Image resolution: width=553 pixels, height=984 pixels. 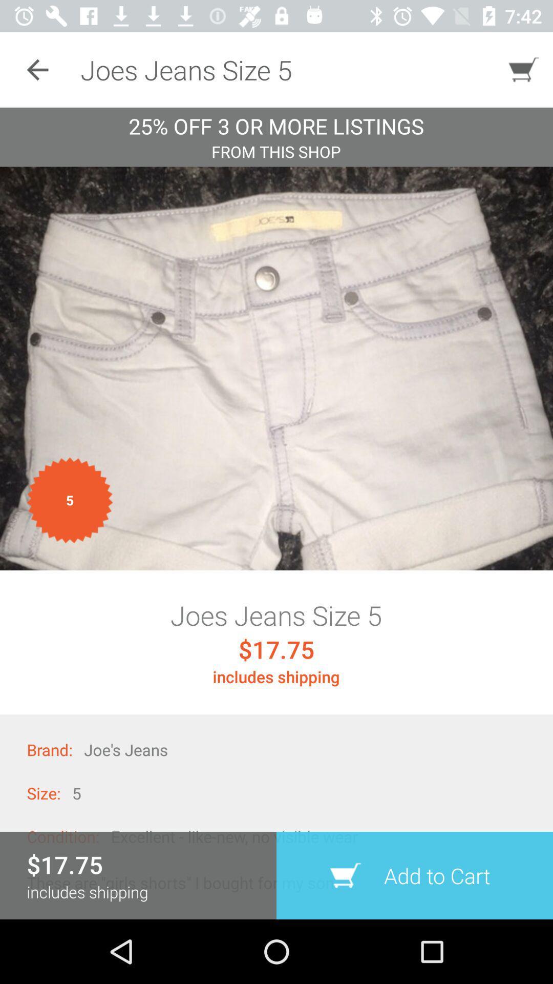 What do you see at coordinates (276, 368) in the screenshot?
I see `item picture` at bounding box center [276, 368].